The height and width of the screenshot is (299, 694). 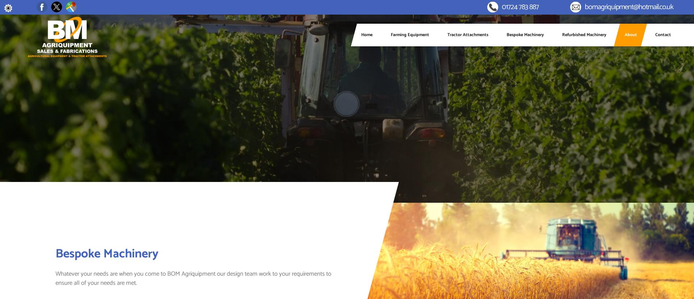 What do you see at coordinates (584, 35) in the screenshot?
I see `'Refurbished Machinery'` at bounding box center [584, 35].